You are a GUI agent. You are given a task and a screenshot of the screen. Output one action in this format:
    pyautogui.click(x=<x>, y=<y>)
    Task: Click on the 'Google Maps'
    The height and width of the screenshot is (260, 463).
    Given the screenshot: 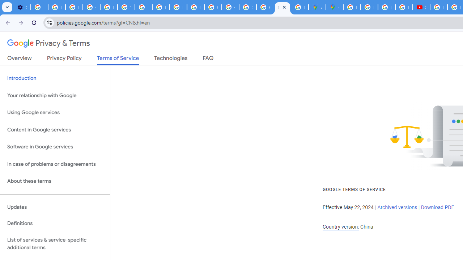 What is the action you would take?
    pyautogui.click(x=334, y=7)
    